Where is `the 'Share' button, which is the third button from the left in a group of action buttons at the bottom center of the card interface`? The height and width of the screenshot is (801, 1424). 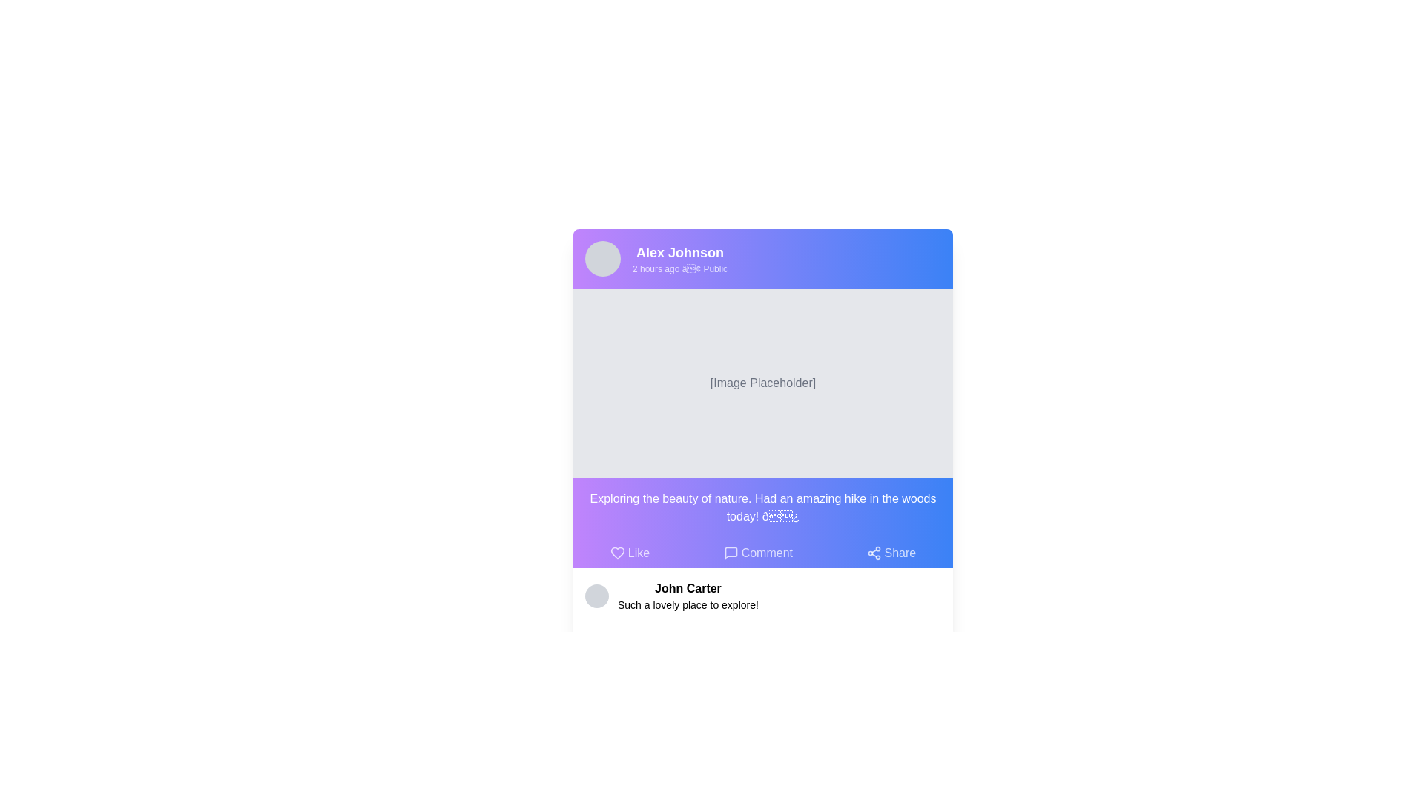 the 'Share' button, which is the third button from the left in a group of action buttons at the bottom center of the card interface is located at coordinates (890, 553).